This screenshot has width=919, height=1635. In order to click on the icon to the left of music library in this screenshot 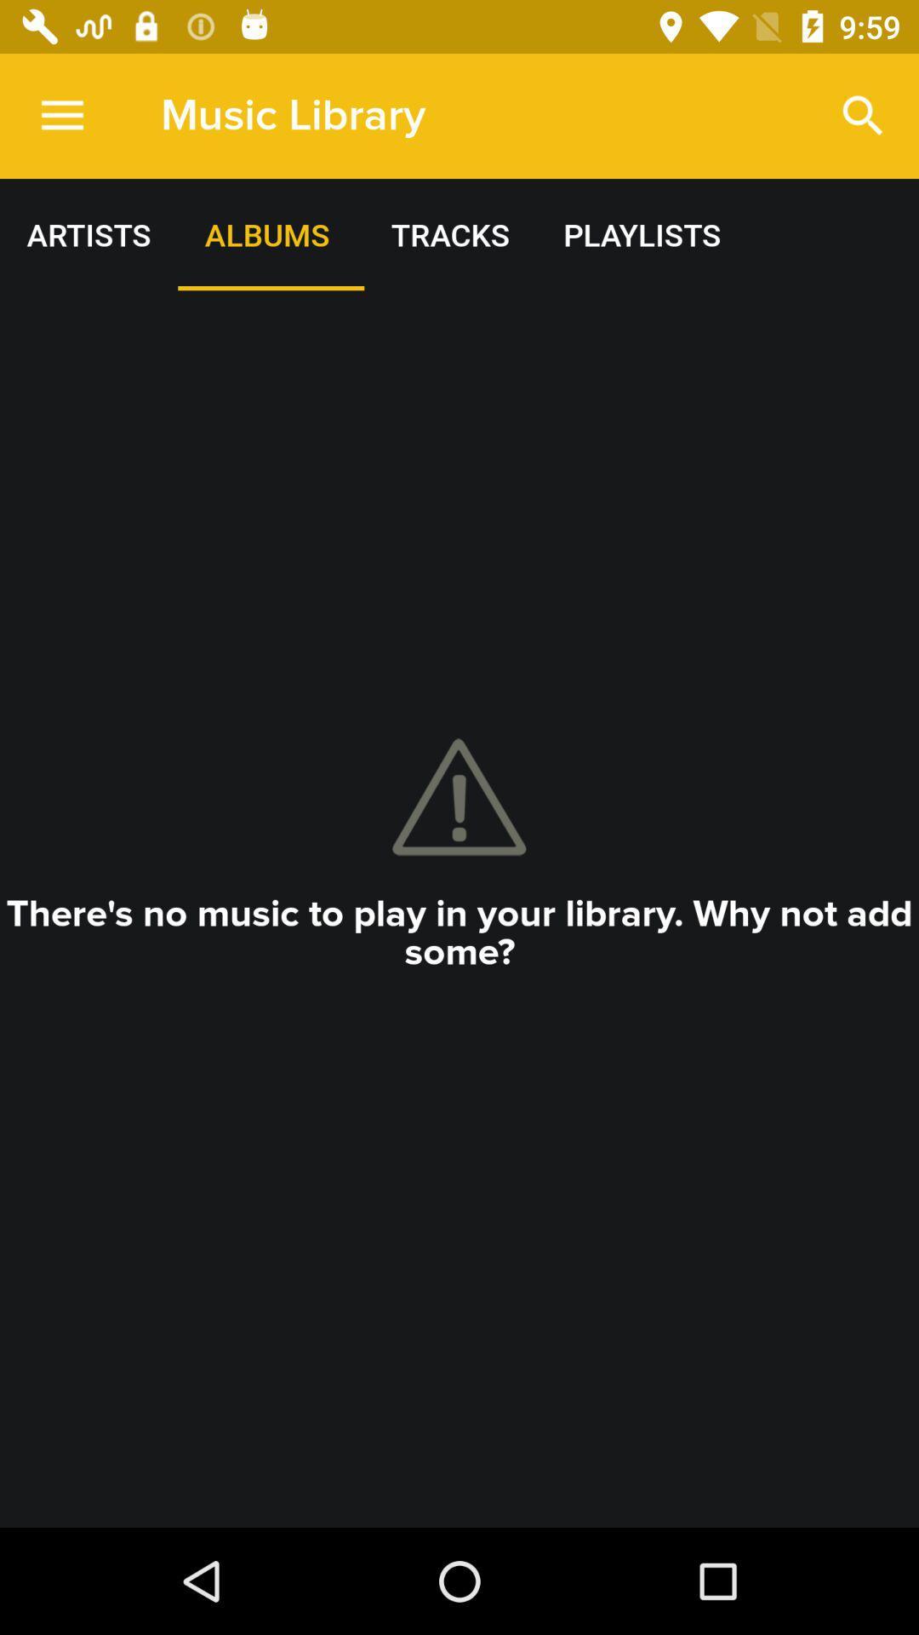, I will do `click(61, 115)`.